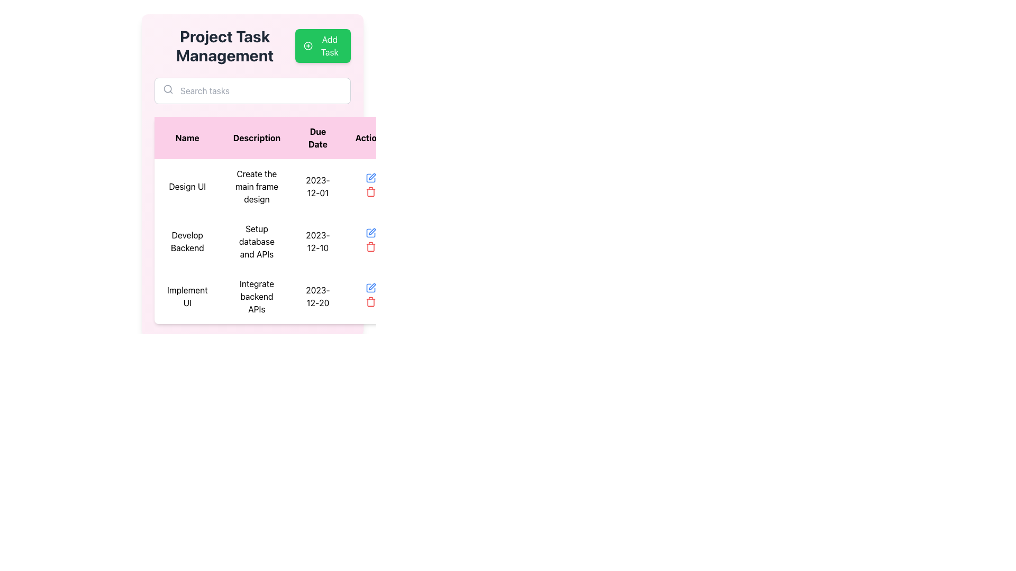 Image resolution: width=1016 pixels, height=571 pixels. I want to click on the text label that says 'Create the main frame design', which is located in the second column, second row of the table under the header 'Description', so click(257, 186).